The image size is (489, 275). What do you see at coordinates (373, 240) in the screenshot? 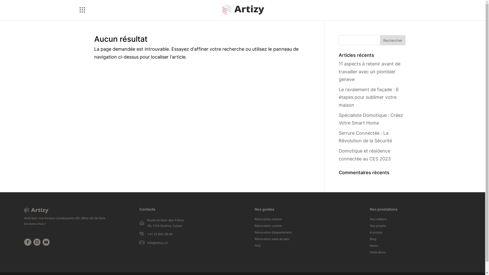
I see `'Blog'` at bounding box center [373, 240].